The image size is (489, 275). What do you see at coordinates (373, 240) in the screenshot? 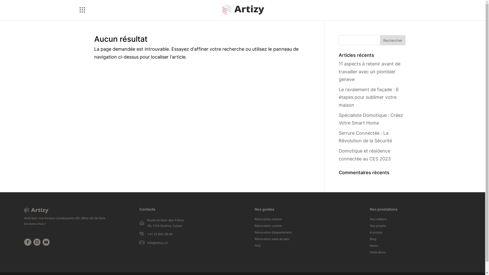
I see `'Blog'` at bounding box center [373, 240].